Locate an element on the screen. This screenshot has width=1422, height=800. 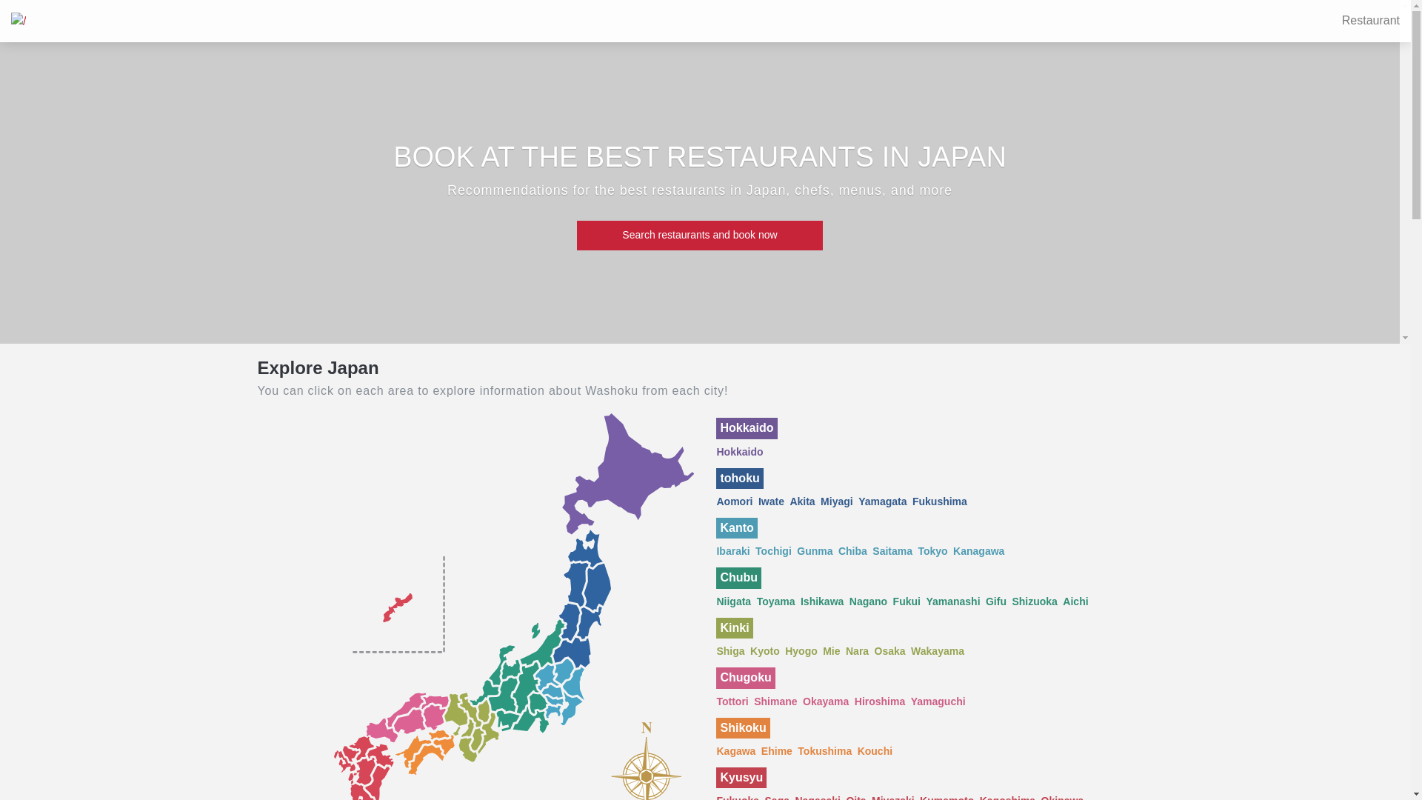
'Kyoto' is located at coordinates (764, 650).